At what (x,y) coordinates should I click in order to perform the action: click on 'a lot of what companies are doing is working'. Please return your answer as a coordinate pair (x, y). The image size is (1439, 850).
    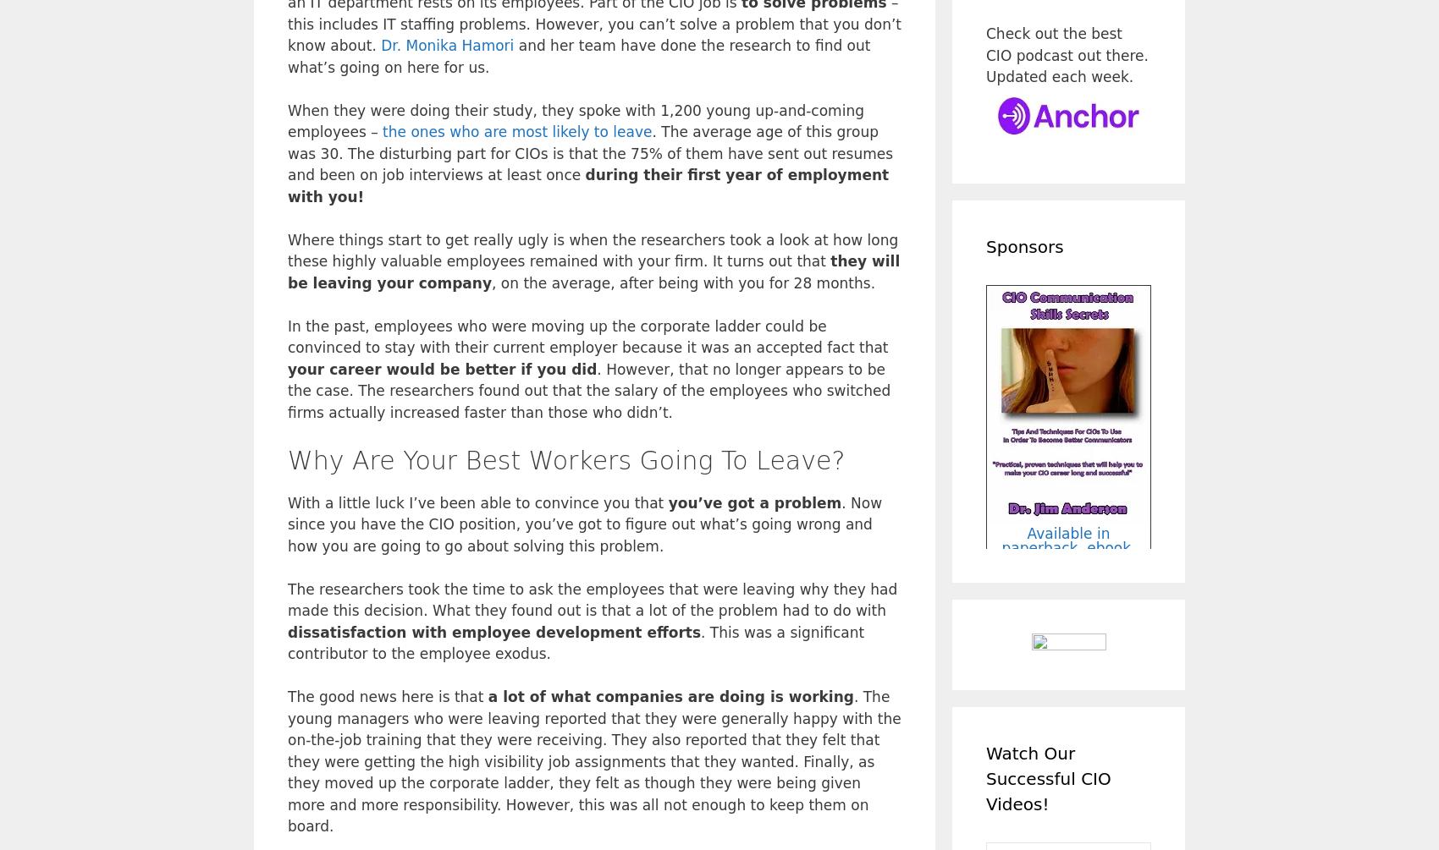
    Looking at the image, I should click on (486, 696).